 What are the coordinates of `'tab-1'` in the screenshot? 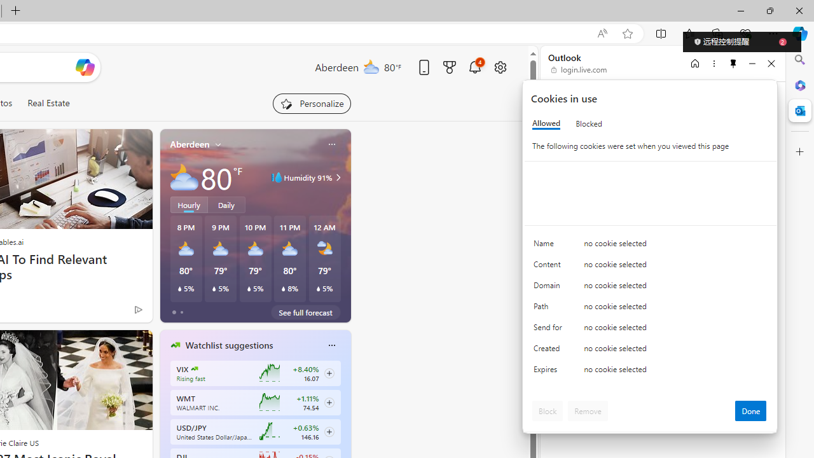 It's located at (181, 312).